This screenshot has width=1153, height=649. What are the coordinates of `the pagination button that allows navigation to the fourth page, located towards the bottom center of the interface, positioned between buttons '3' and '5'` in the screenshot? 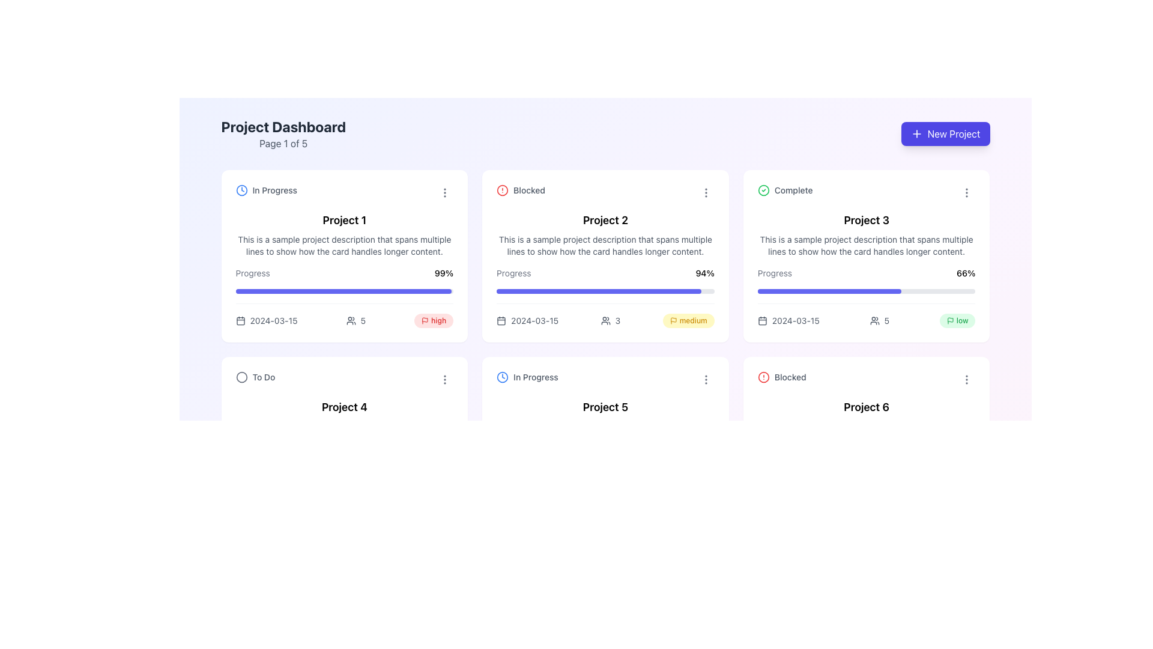 It's located at (642, 561).